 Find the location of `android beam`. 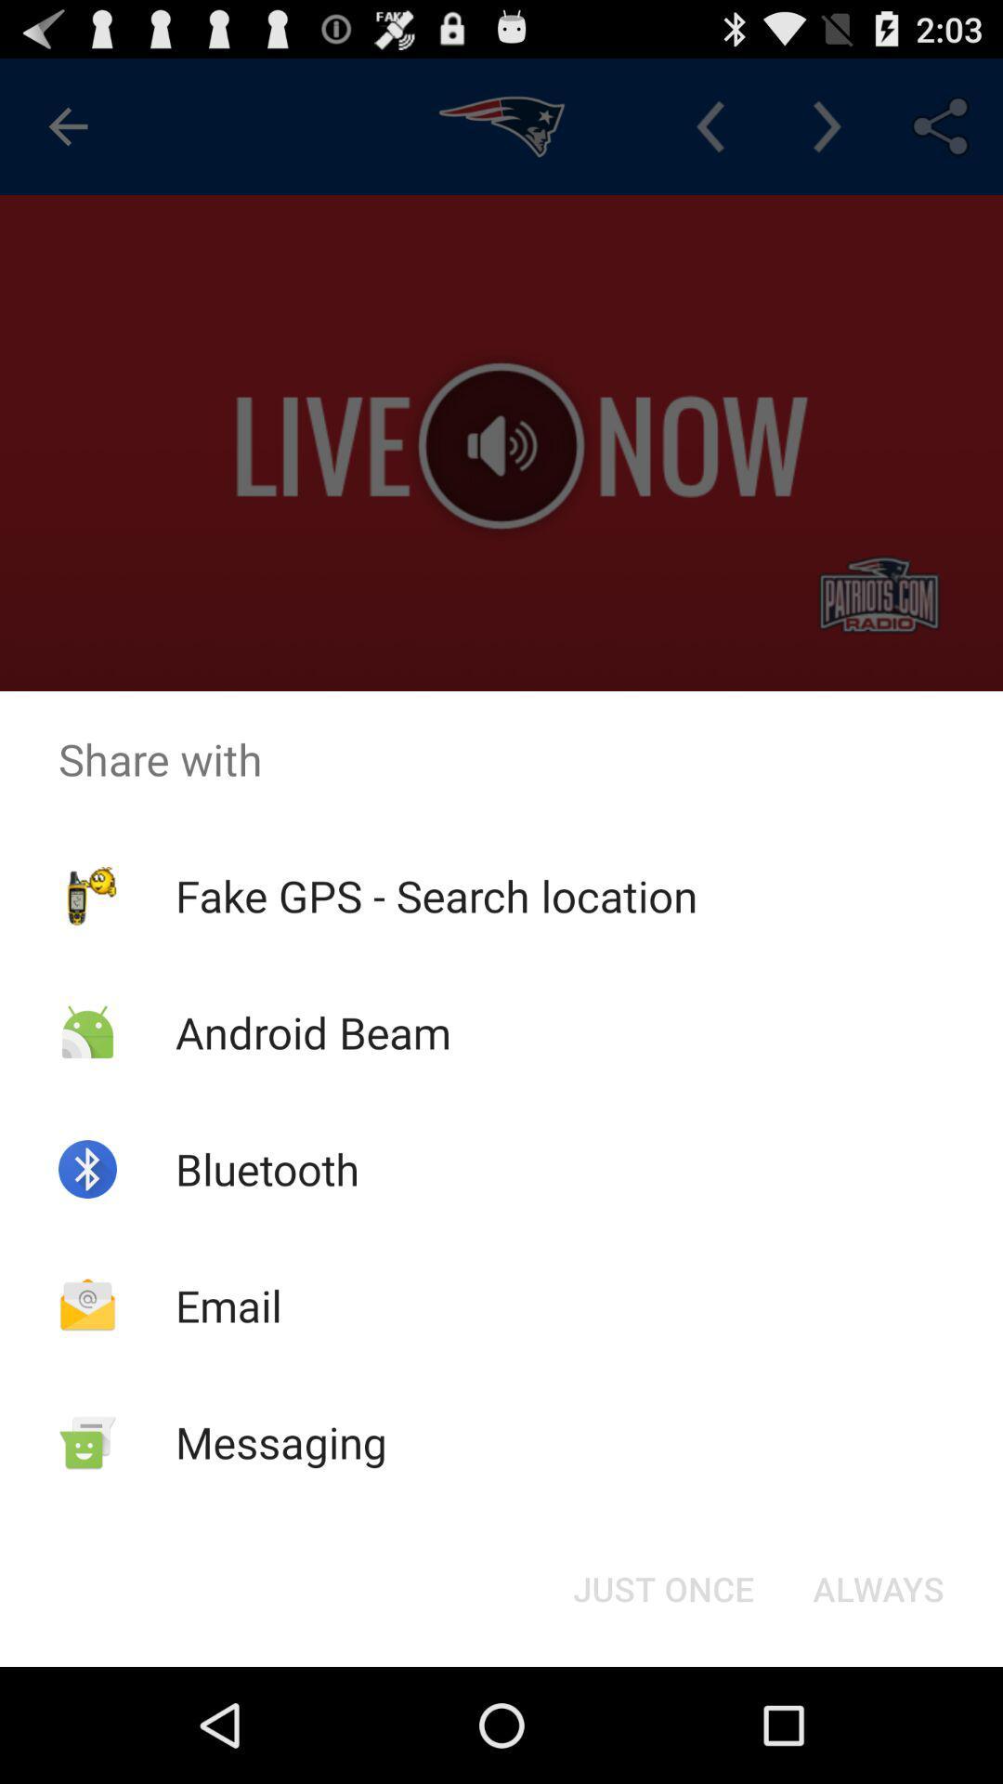

android beam is located at coordinates (312, 1031).